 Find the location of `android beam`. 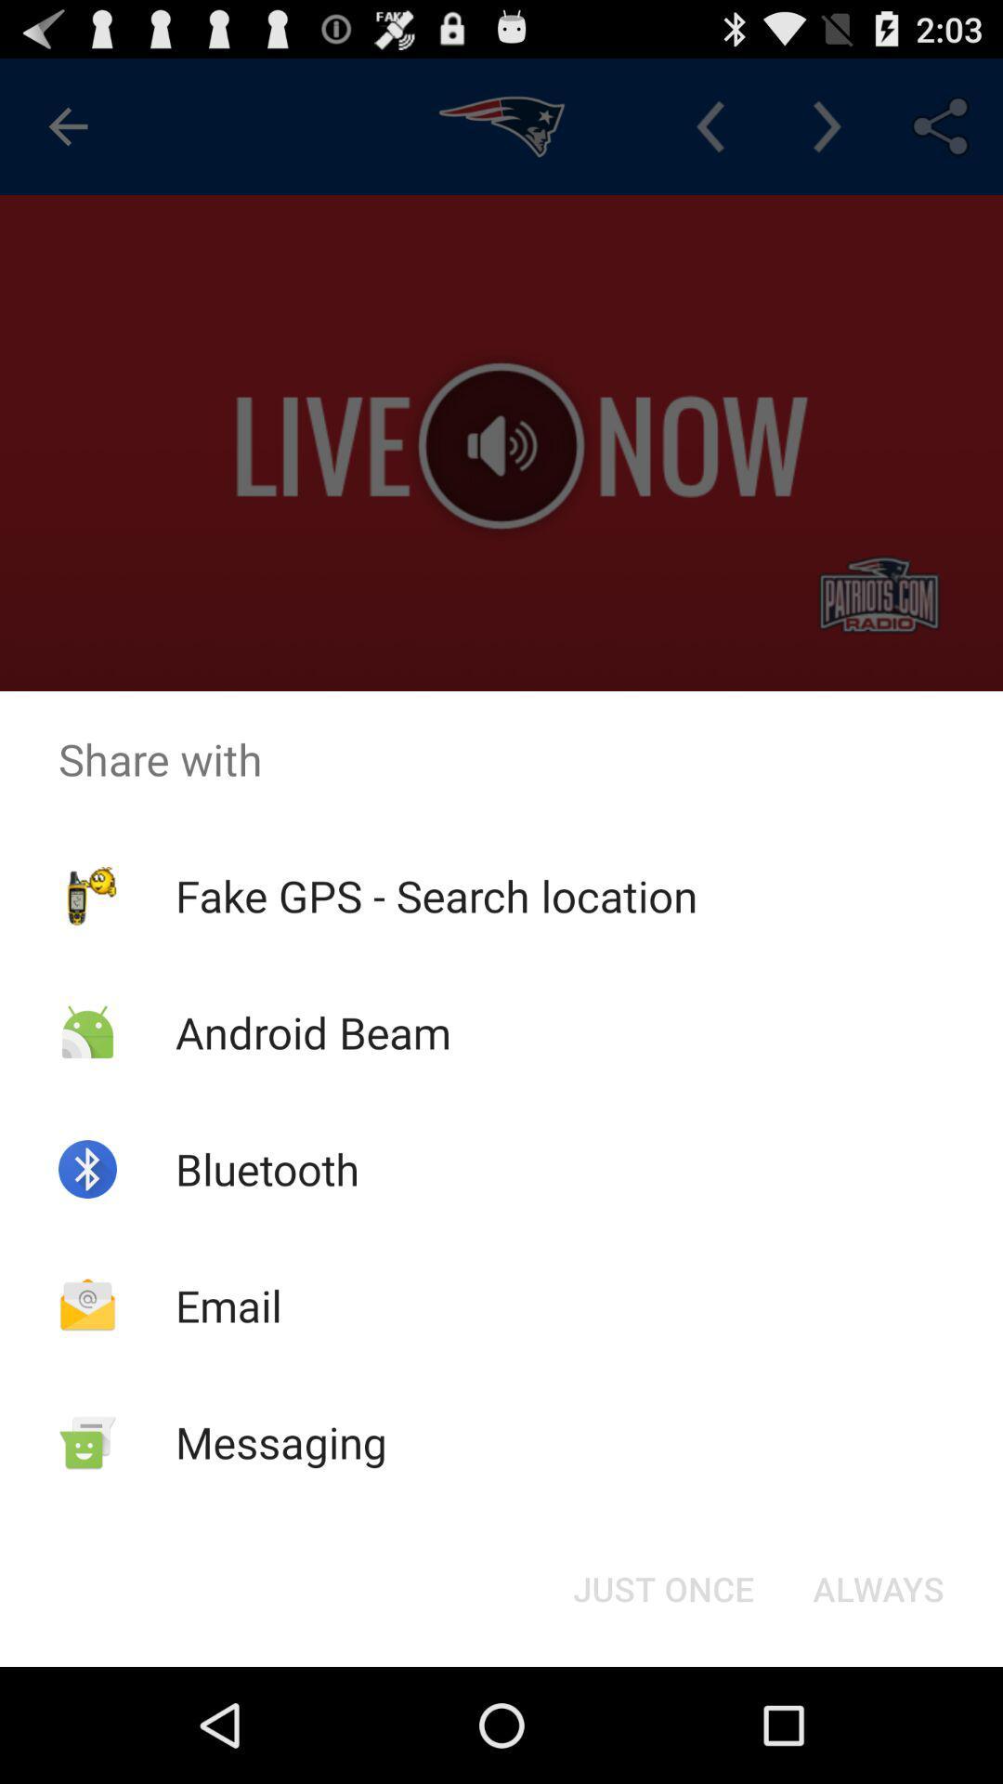

android beam is located at coordinates (312, 1031).